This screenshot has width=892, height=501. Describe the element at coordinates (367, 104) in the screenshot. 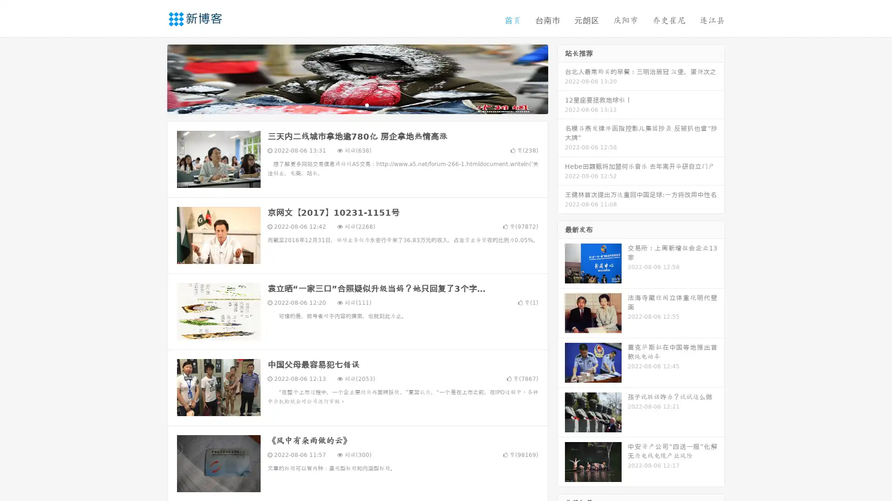

I see `Go to slide 3` at that location.